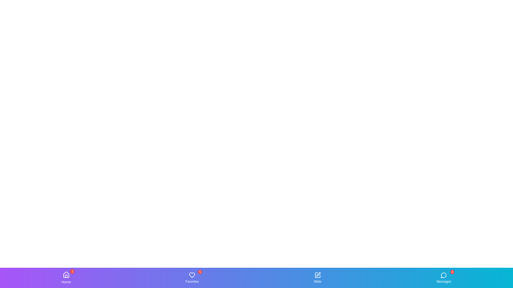 The height and width of the screenshot is (288, 513). I want to click on the Home tab by clicking on its icon or label, so click(66, 277).